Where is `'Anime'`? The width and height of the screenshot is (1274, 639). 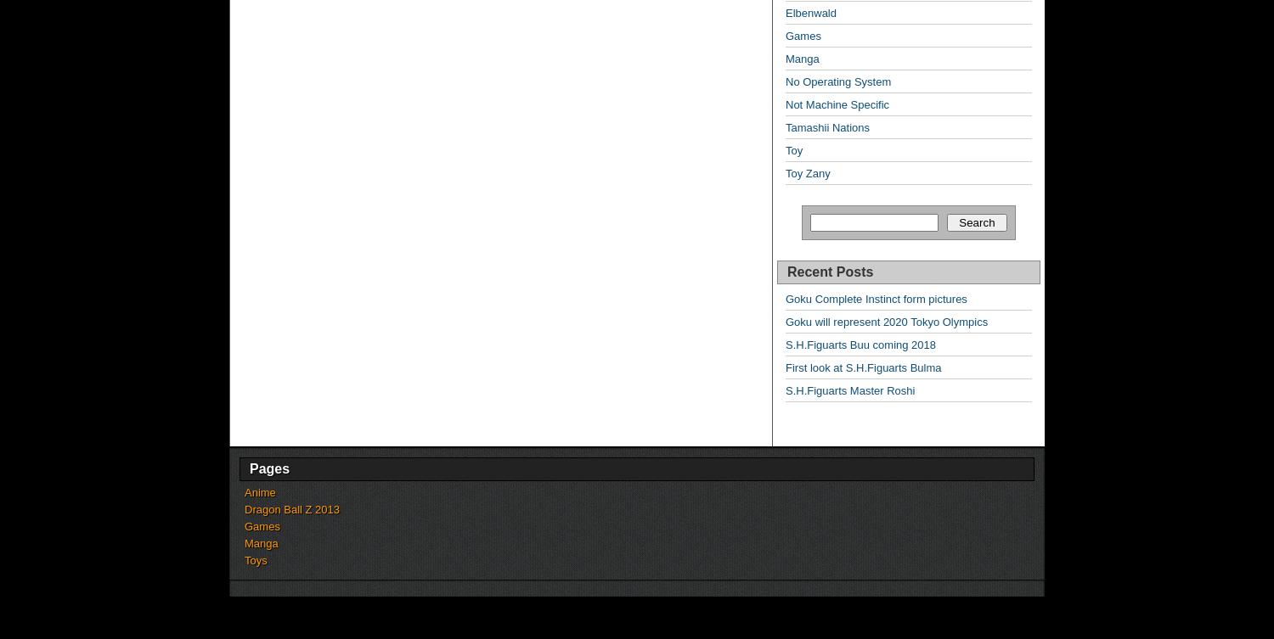
'Anime' is located at coordinates (245, 492).